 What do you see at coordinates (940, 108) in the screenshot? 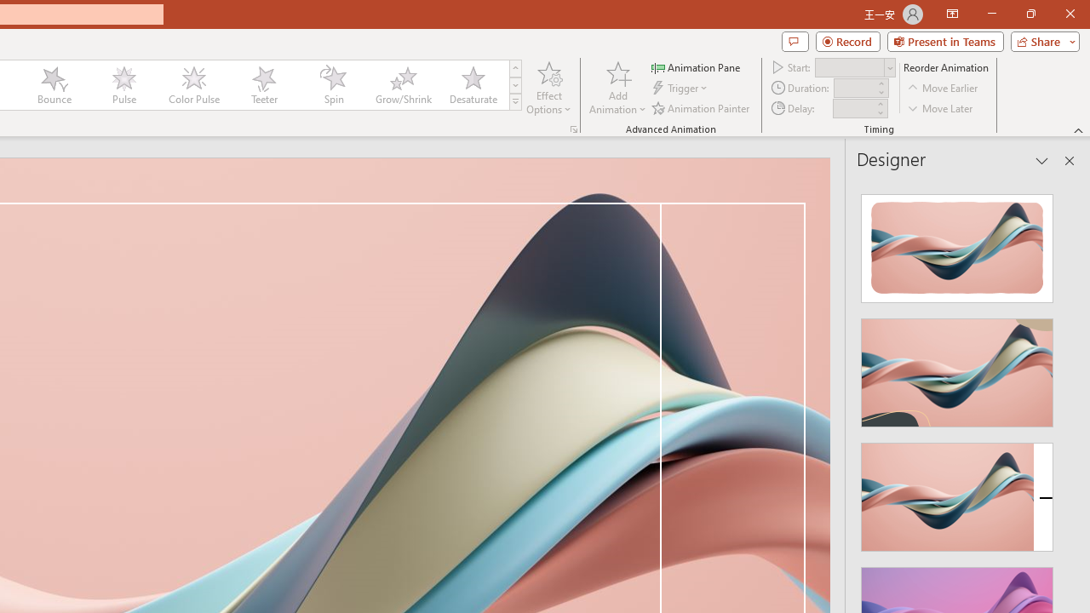
I see `'Move Later'` at bounding box center [940, 108].